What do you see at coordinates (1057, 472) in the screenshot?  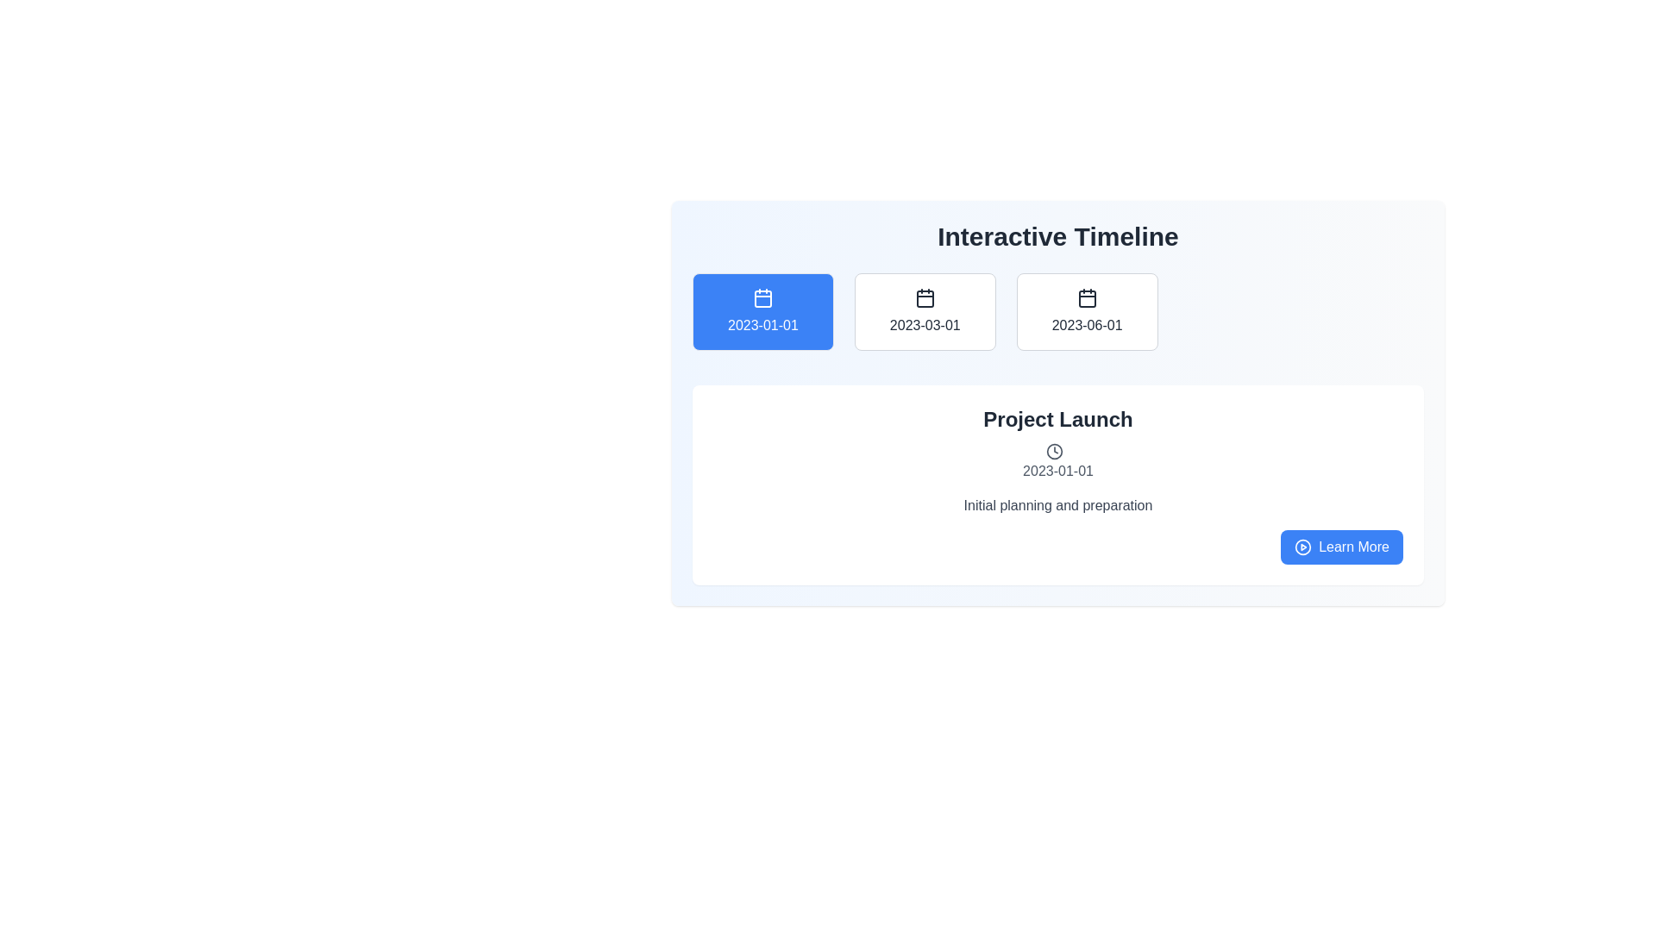 I see `the text display that shows the date for the 'Project Launch', located centrally below the clock icon and above the description text` at bounding box center [1057, 472].